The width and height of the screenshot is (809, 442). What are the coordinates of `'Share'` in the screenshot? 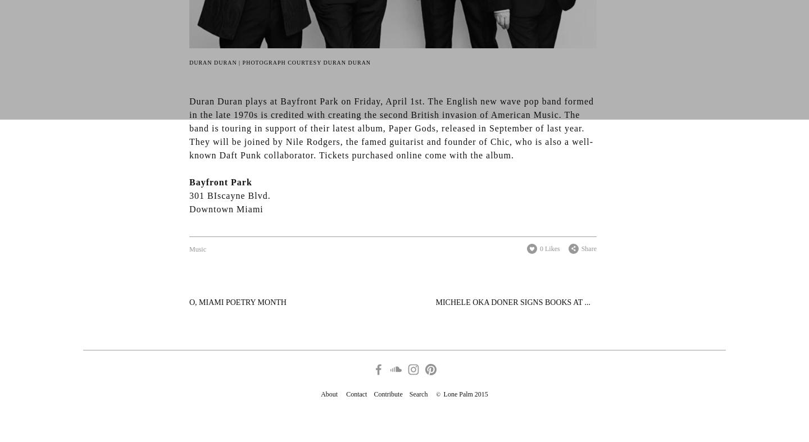 It's located at (589, 248).